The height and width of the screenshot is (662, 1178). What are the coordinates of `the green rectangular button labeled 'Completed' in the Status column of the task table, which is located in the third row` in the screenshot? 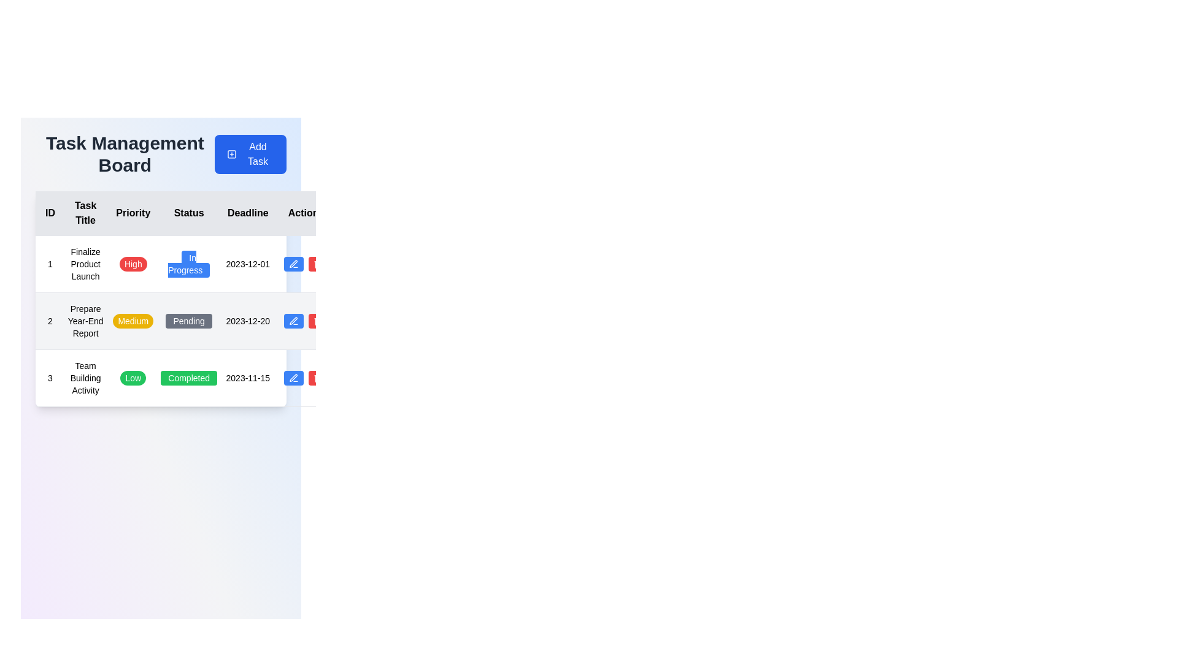 It's located at (188, 378).